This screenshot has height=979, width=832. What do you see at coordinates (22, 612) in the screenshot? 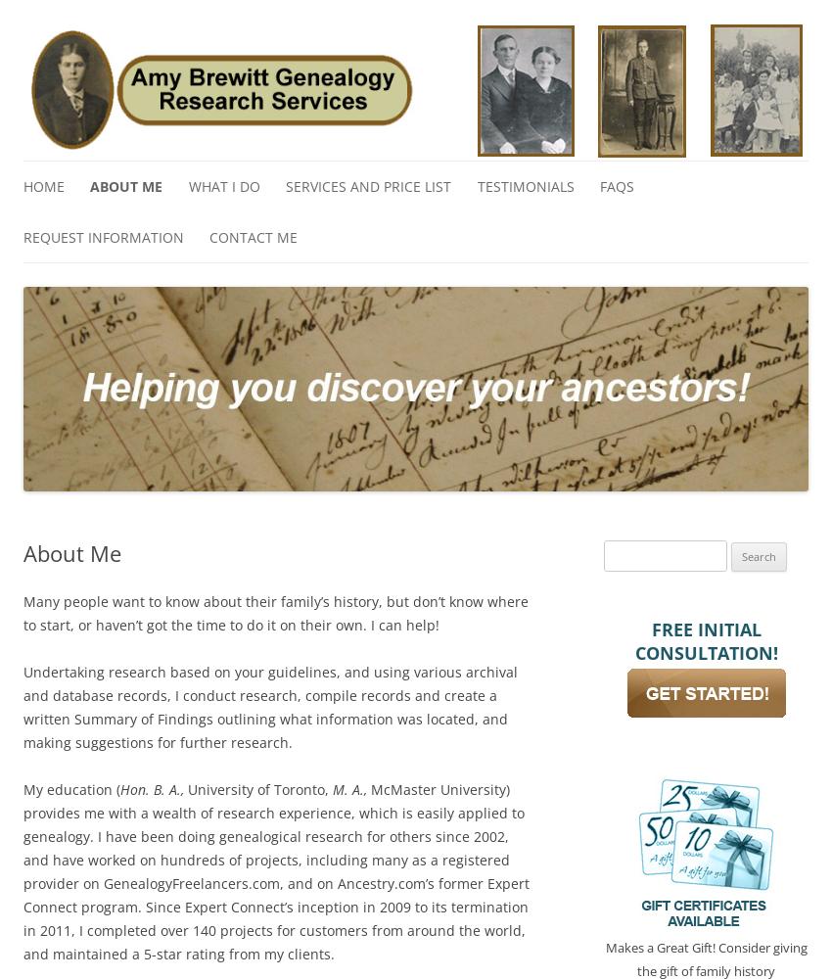
I see `'Many people want to know about their family’s history, but don’t know where to start, or haven’t got the time to do it on their own. I can help!'` at bounding box center [22, 612].